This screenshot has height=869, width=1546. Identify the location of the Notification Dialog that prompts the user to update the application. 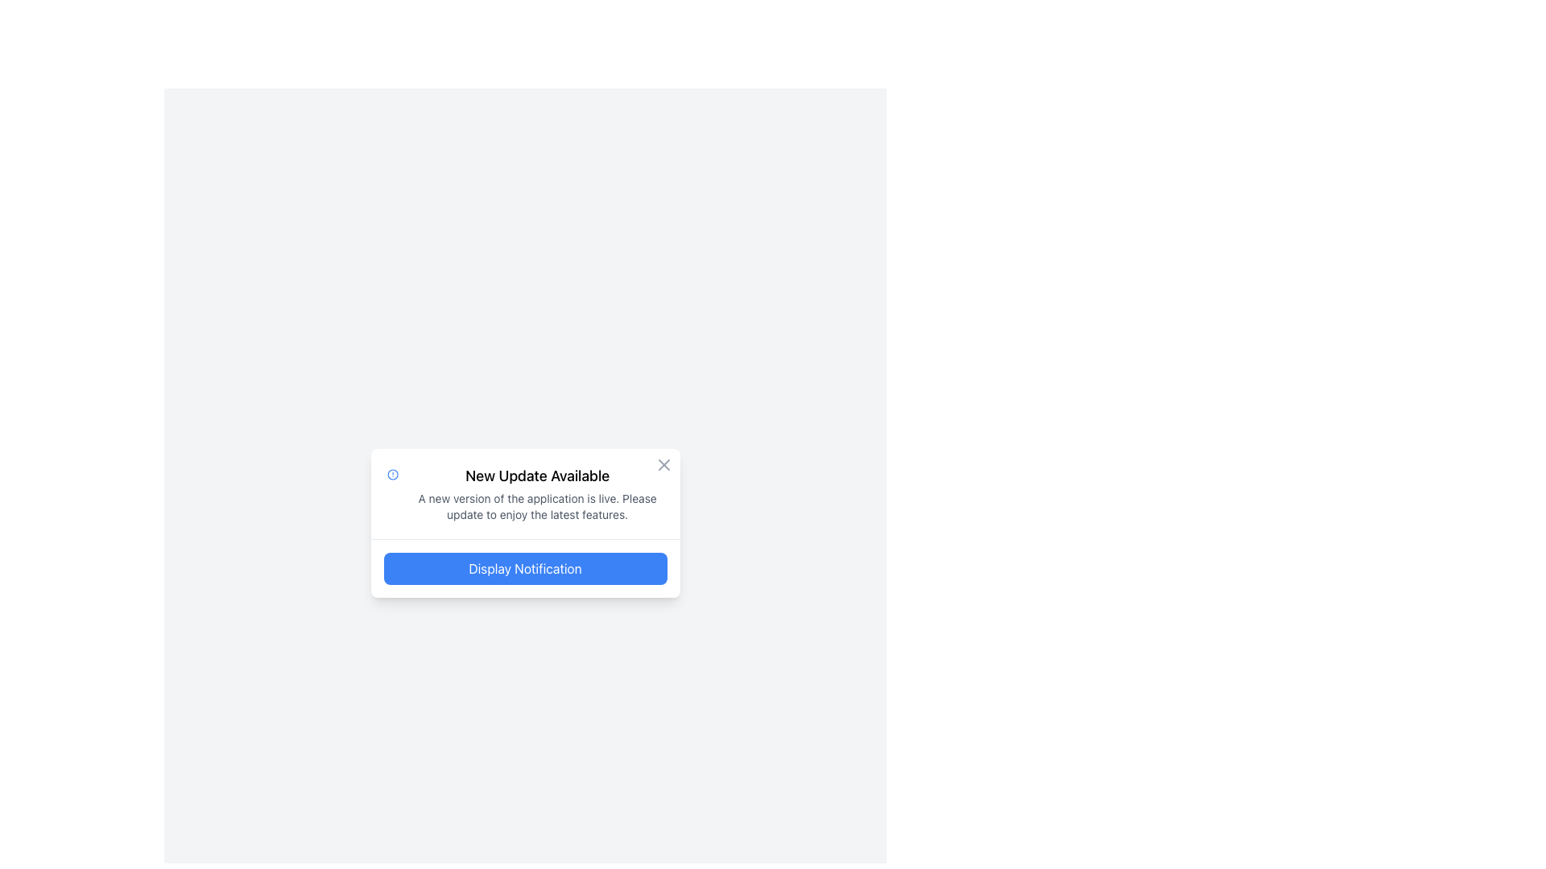
(525, 523).